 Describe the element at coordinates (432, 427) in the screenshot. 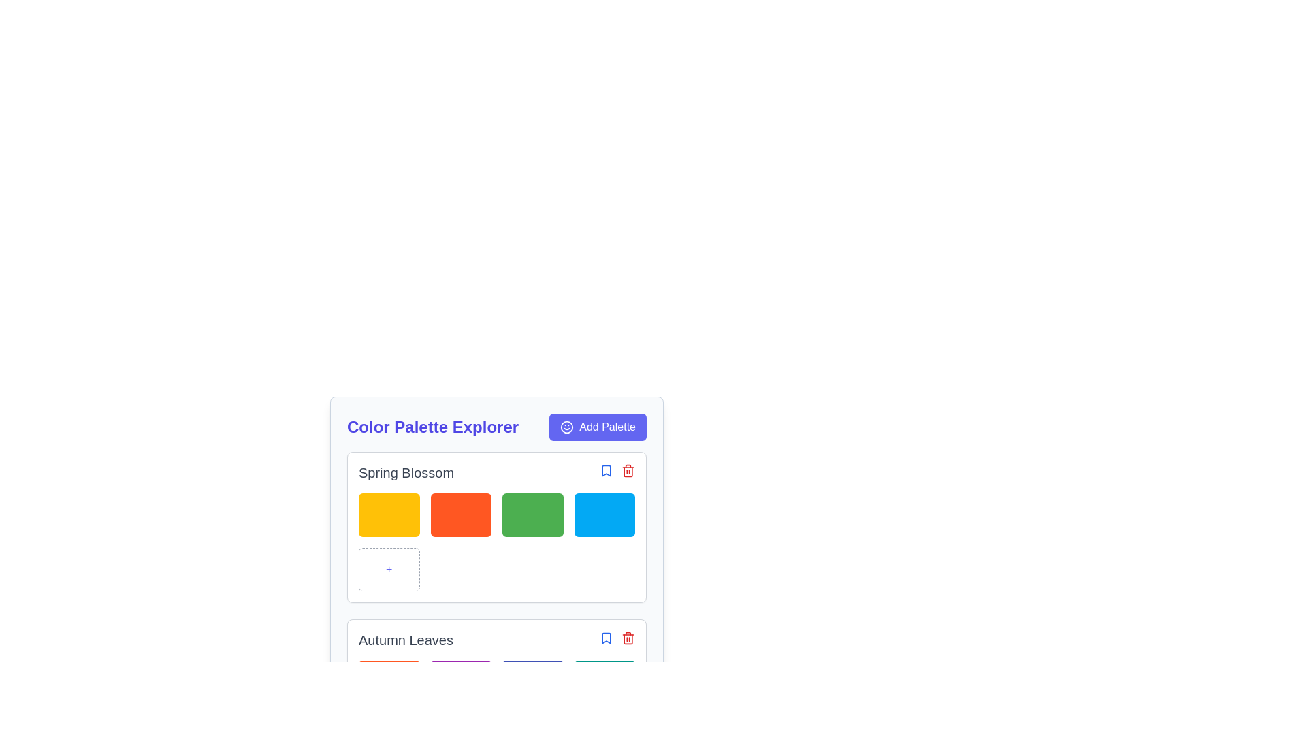

I see `the 'Color Palette Explorer' text label, which serves as a title or heading in the user interface` at that location.